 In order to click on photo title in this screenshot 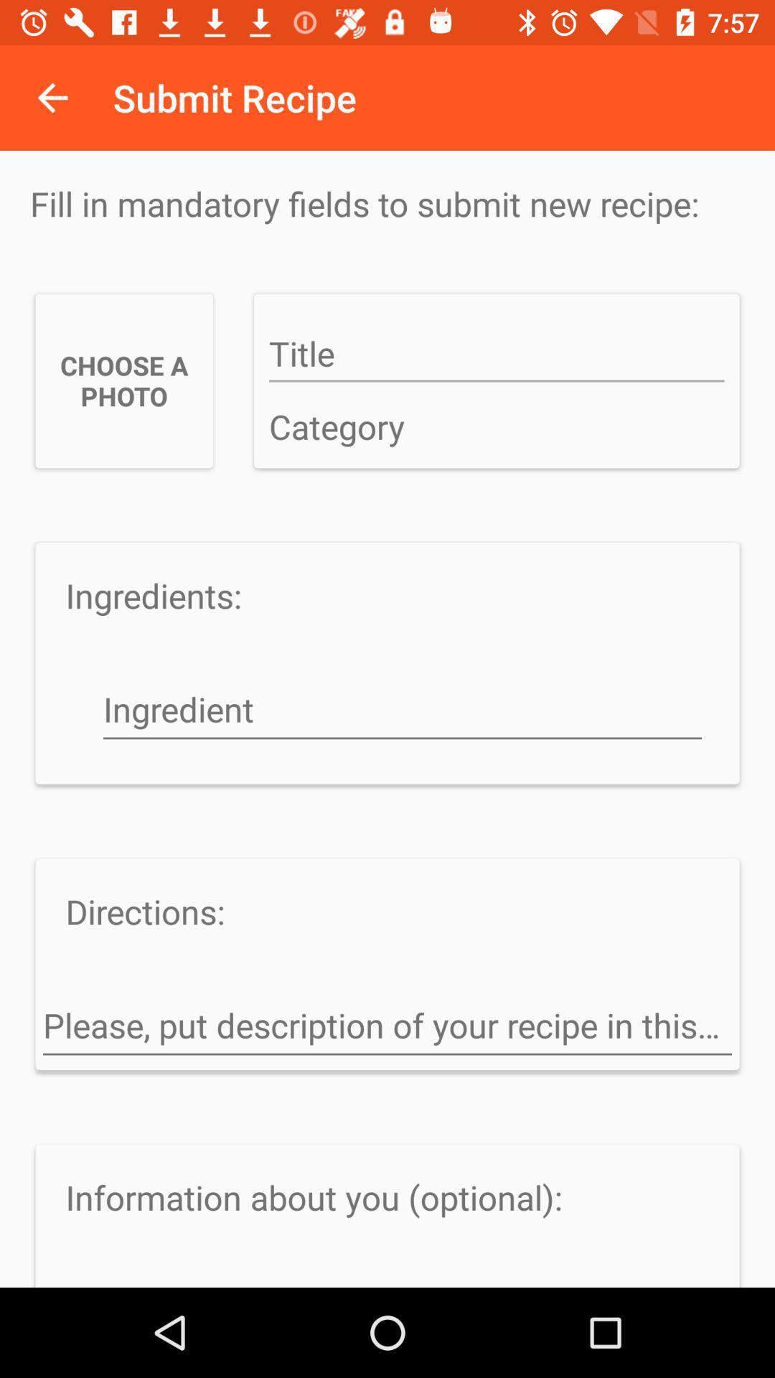, I will do `click(496, 355)`.